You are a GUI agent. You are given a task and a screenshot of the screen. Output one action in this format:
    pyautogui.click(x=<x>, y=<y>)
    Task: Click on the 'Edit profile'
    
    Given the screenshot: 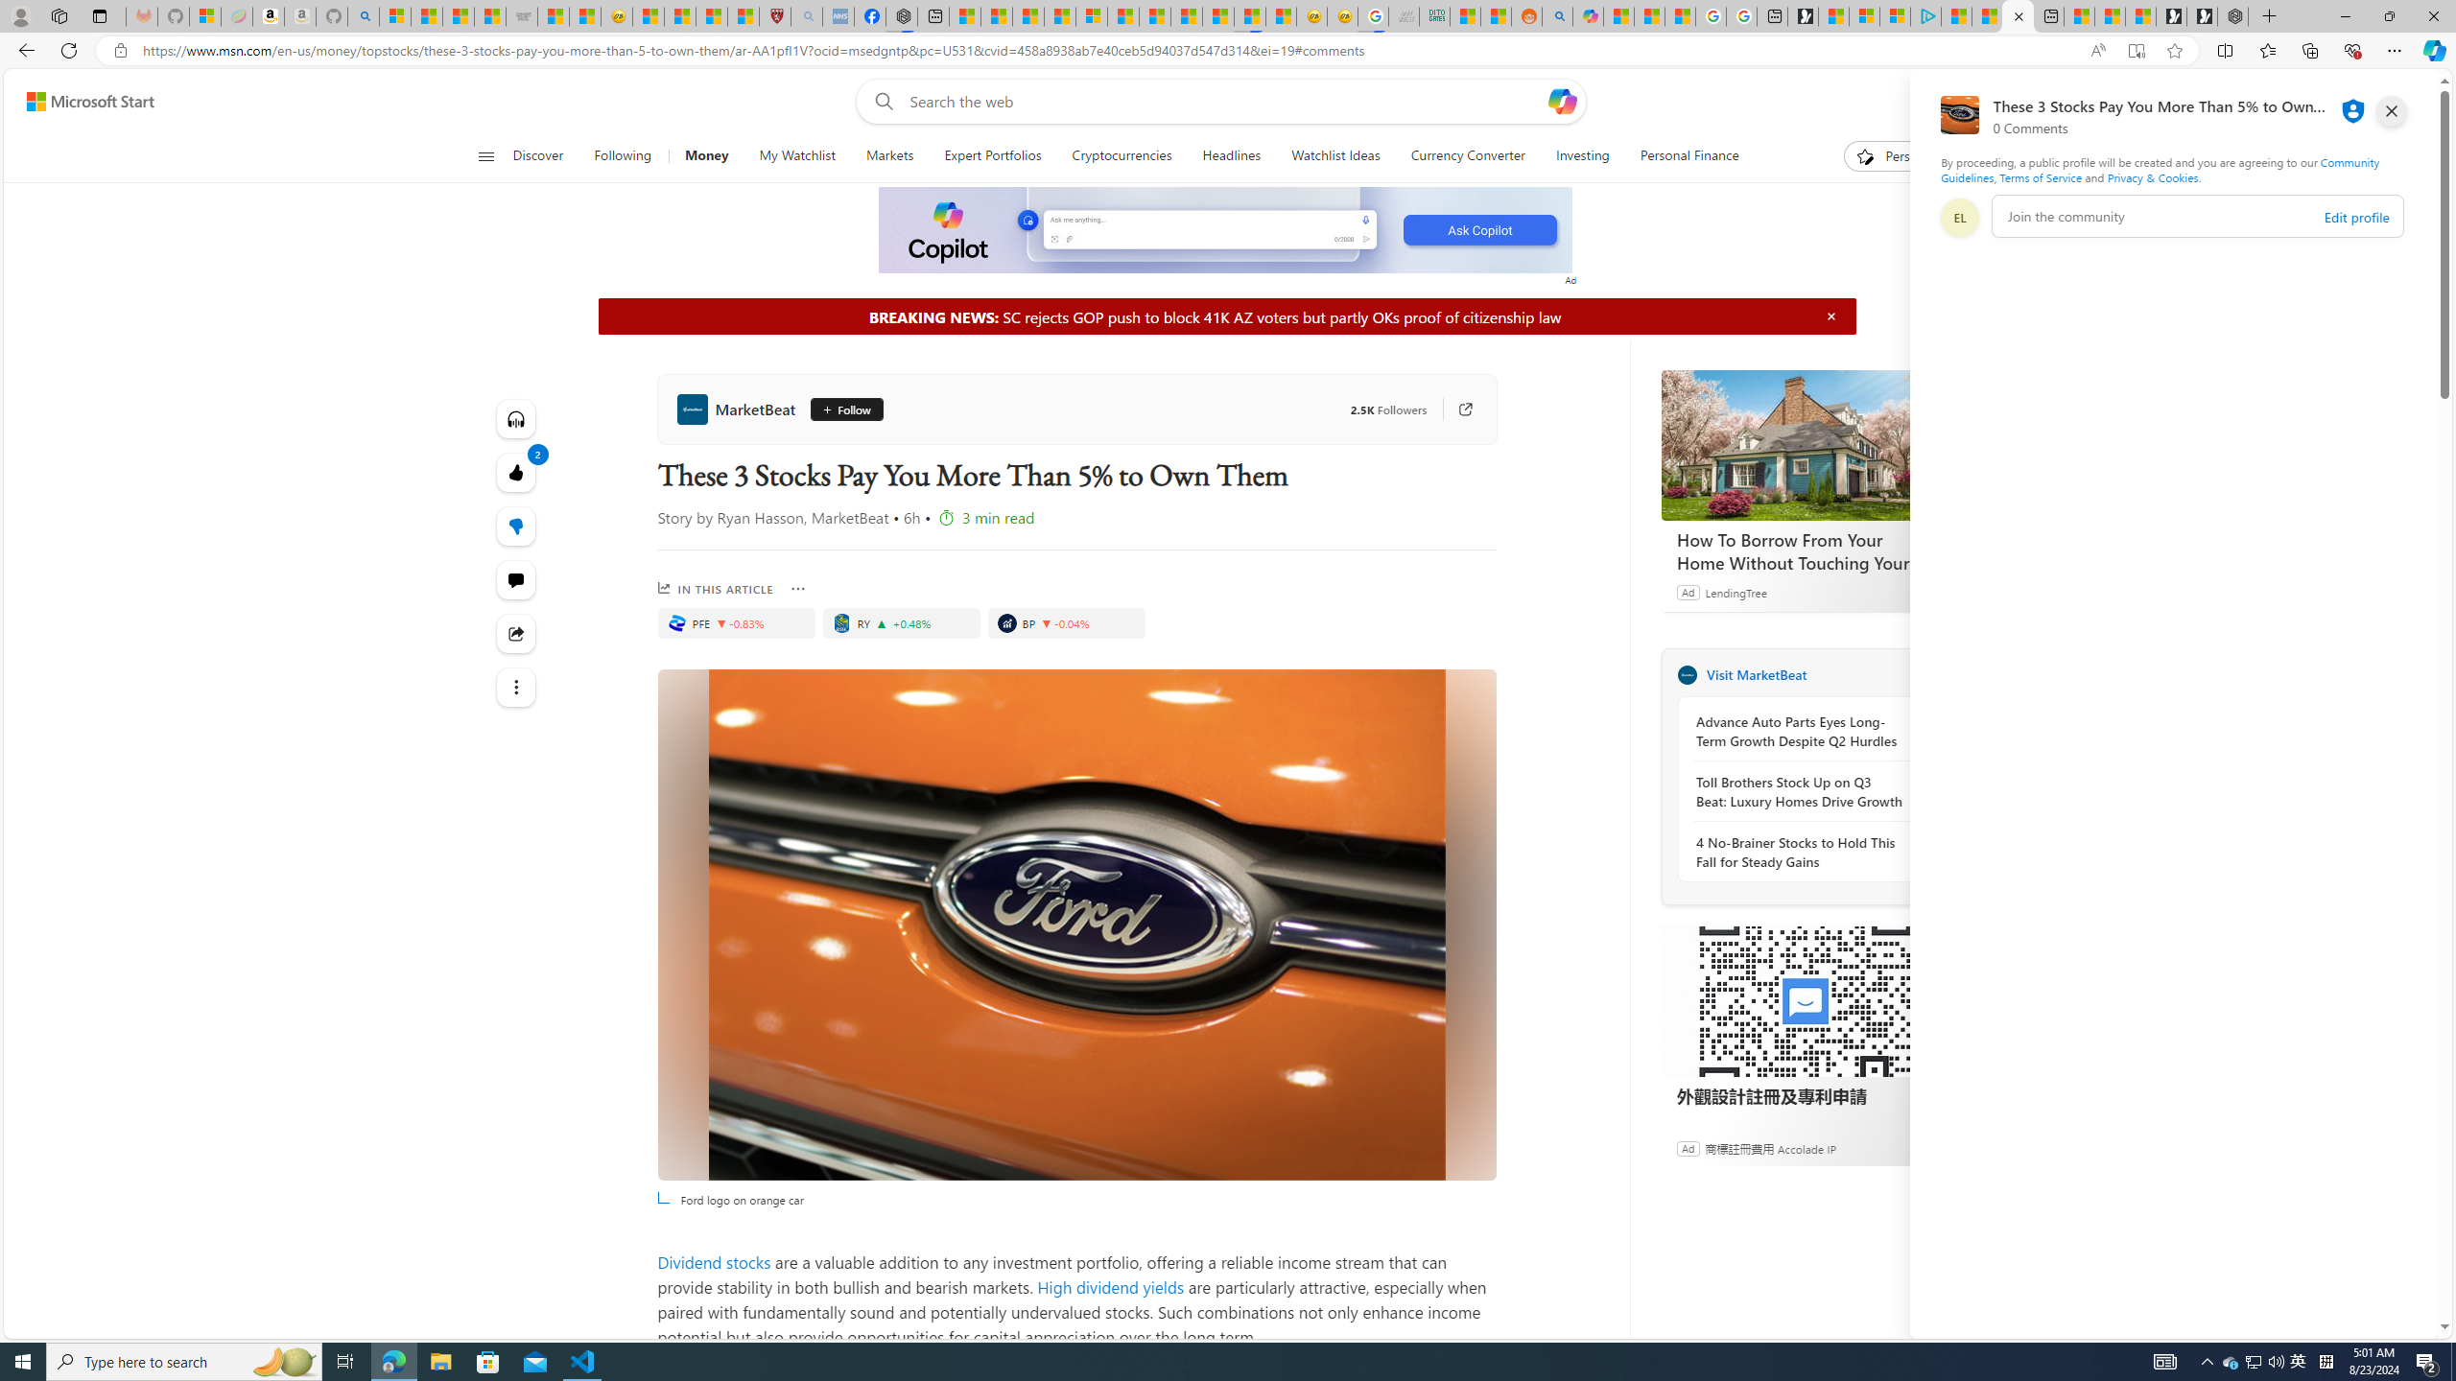 What is the action you would take?
    pyautogui.click(x=2355, y=216)
    